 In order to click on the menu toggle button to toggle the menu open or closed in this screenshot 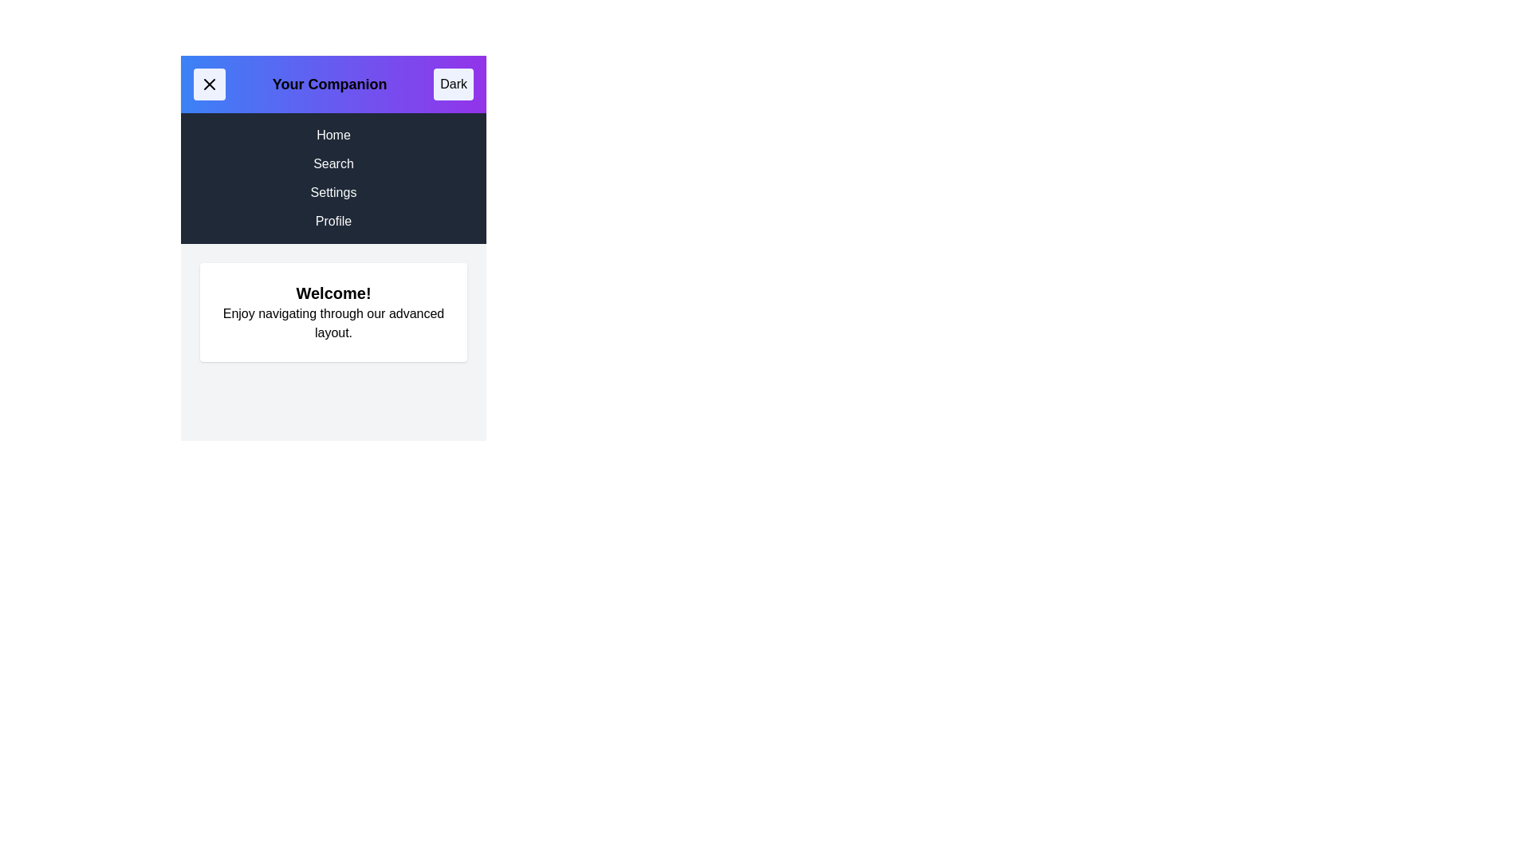, I will do `click(209, 84)`.